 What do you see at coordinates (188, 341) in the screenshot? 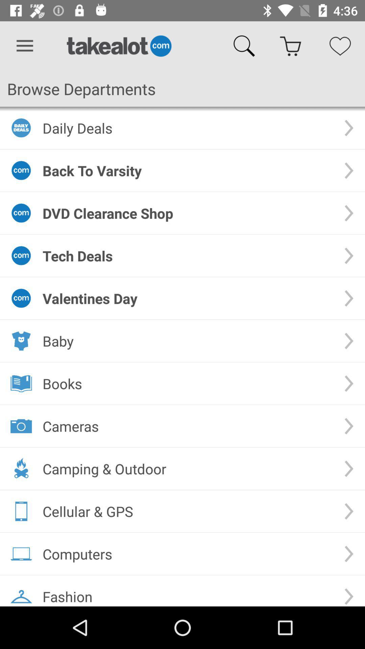
I see `the icon above the books icon` at bounding box center [188, 341].